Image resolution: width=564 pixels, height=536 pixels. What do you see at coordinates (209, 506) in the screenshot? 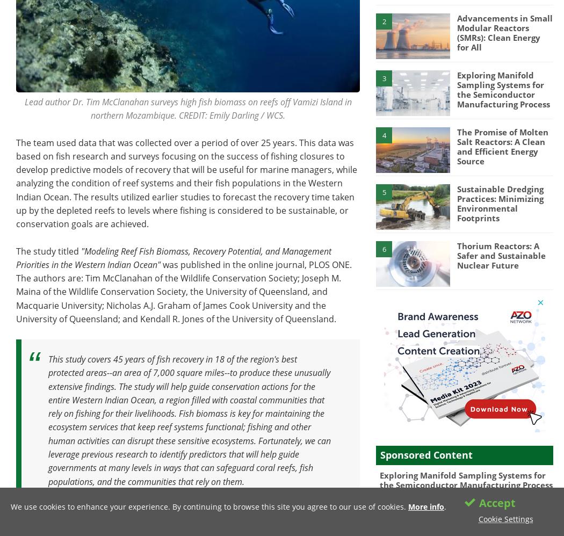
I see `'We use cookies to enhance your experience. By continuing to browse this site you agree to our use of cookies.'` at bounding box center [209, 506].